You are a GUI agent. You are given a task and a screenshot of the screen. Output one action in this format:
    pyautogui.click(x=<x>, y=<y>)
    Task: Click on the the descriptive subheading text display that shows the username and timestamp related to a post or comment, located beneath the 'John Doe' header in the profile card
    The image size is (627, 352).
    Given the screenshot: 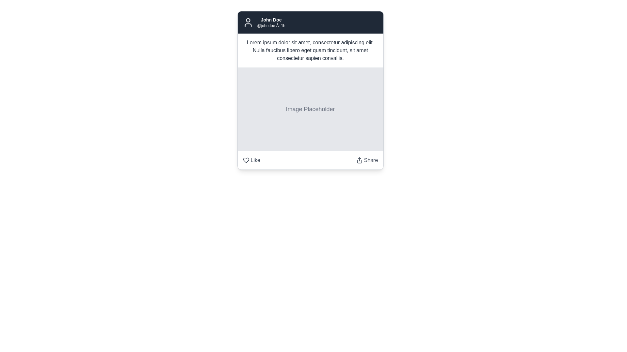 What is the action you would take?
    pyautogui.click(x=271, y=25)
    